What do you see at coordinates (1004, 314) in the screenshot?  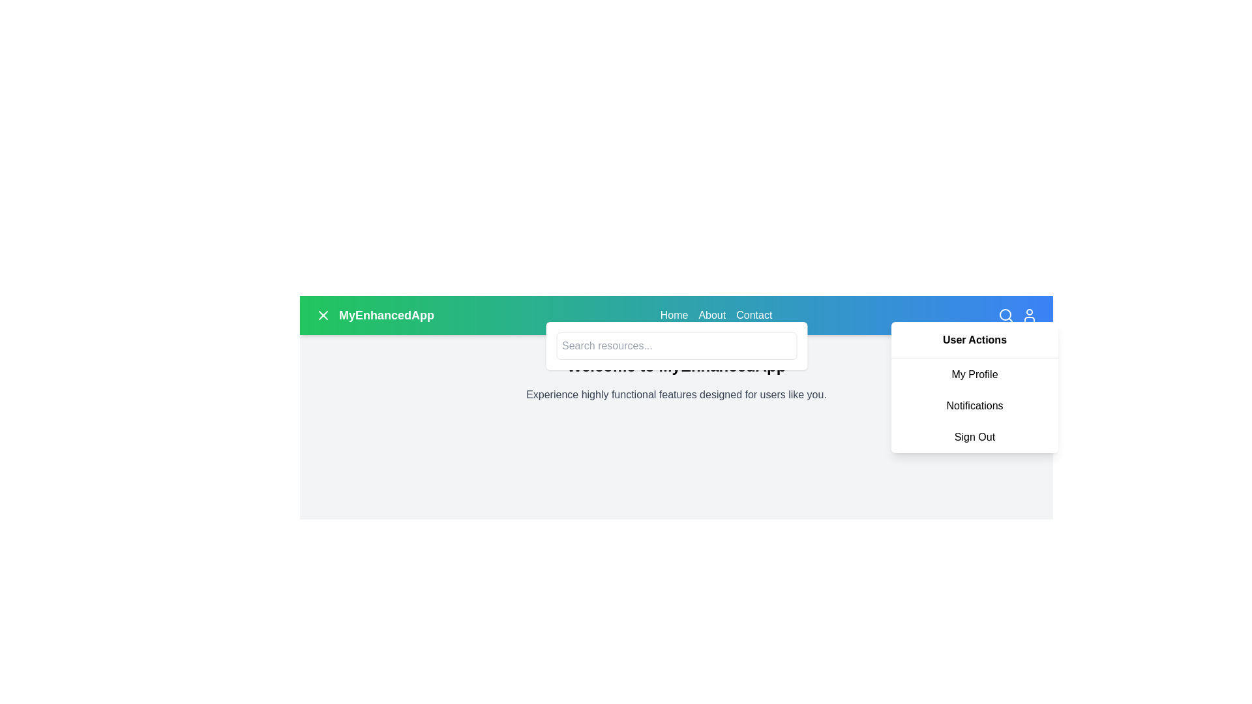 I see `the circular SVG element that represents a search icon located in the top-right corner of the interface` at bounding box center [1004, 314].